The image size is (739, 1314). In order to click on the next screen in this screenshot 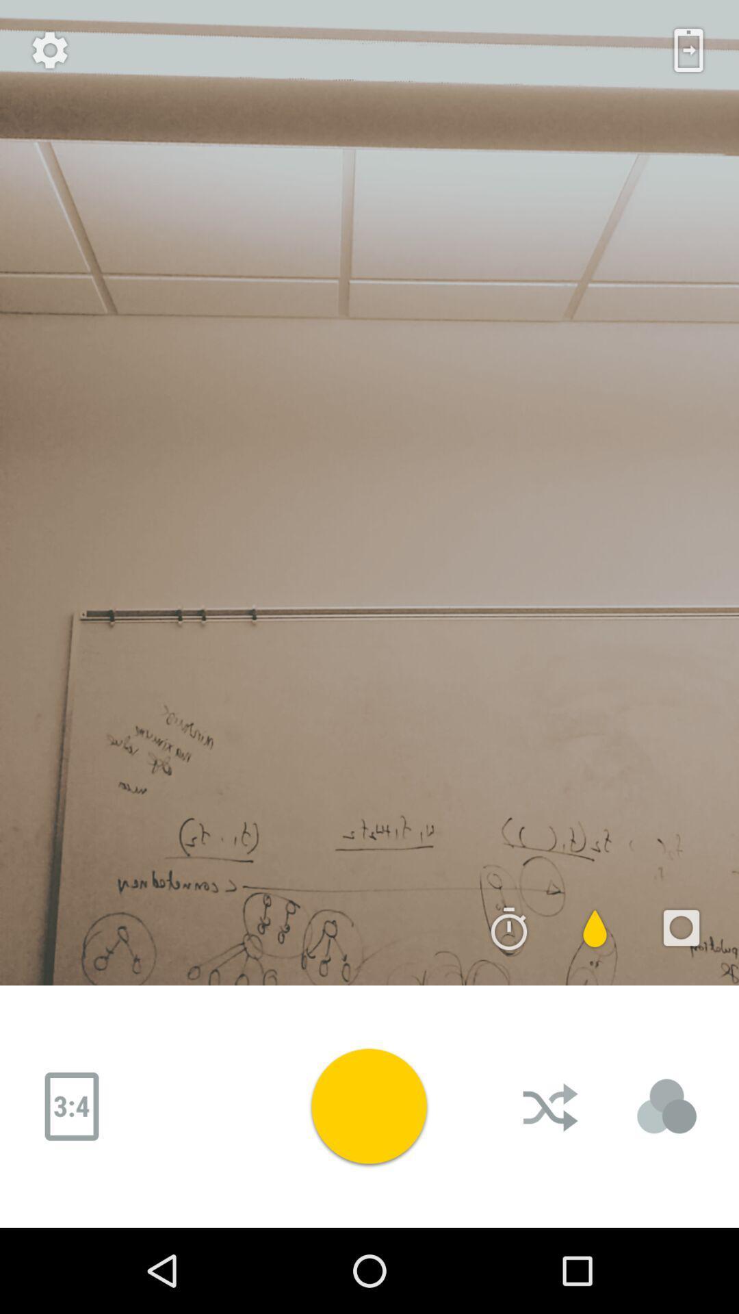, I will do `click(688, 50)`.